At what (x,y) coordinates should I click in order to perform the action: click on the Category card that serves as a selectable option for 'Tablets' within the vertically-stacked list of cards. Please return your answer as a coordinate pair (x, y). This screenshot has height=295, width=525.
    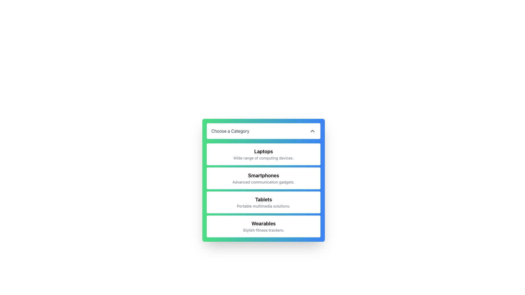
    Looking at the image, I should click on (264, 202).